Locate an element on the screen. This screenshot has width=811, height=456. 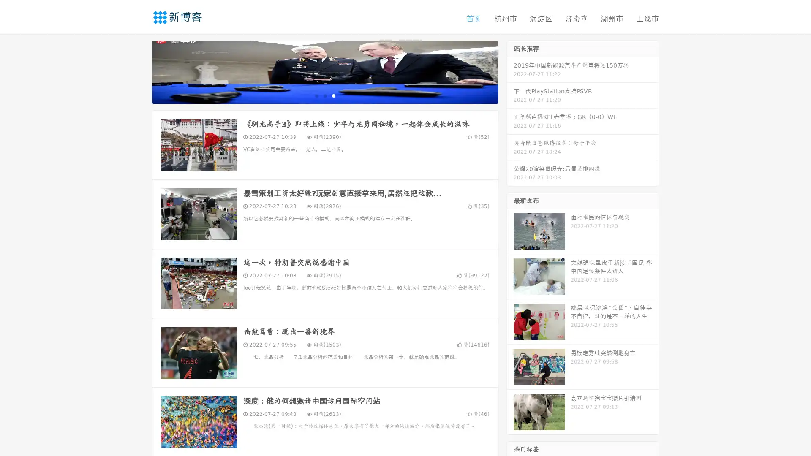
Next slide is located at coordinates (510, 71).